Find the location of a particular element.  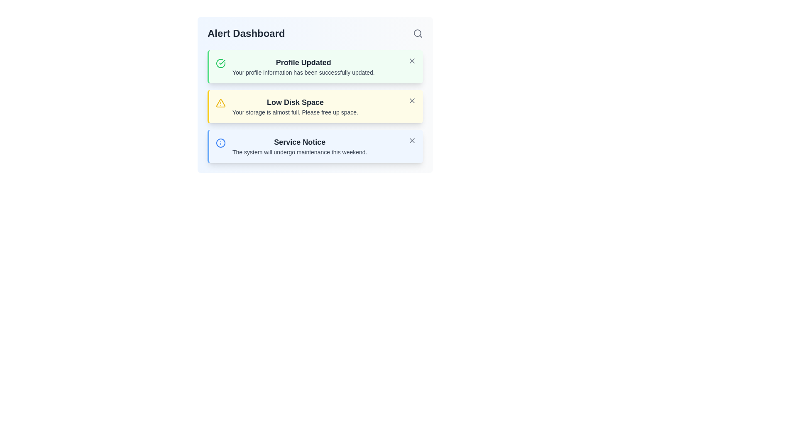

the informational icon is located at coordinates (221, 142).